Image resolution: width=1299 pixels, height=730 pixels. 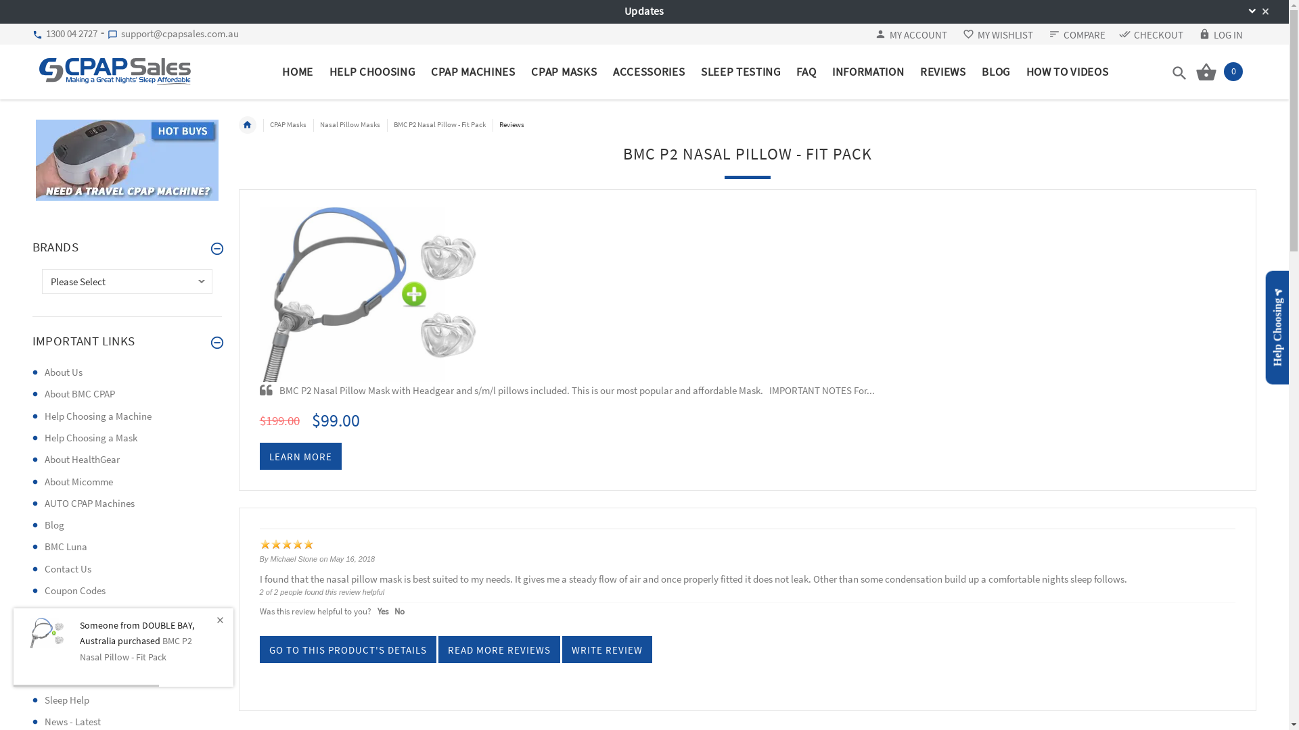 I want to click on 'About Us', so click(x=63, y=372).